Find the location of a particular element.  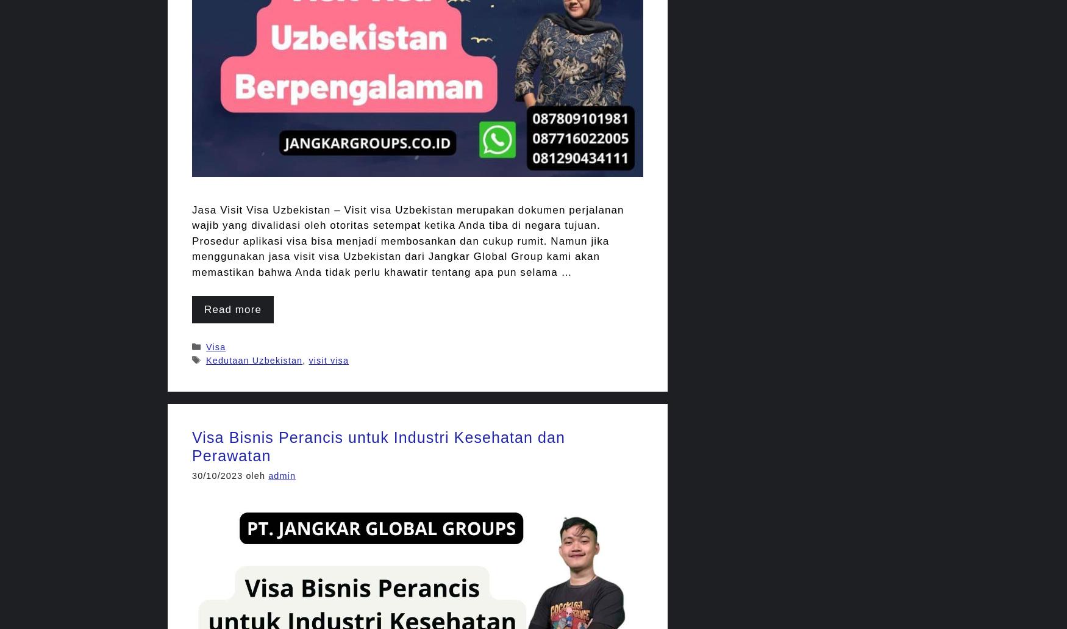

',' is located at coordinates (305, 359).